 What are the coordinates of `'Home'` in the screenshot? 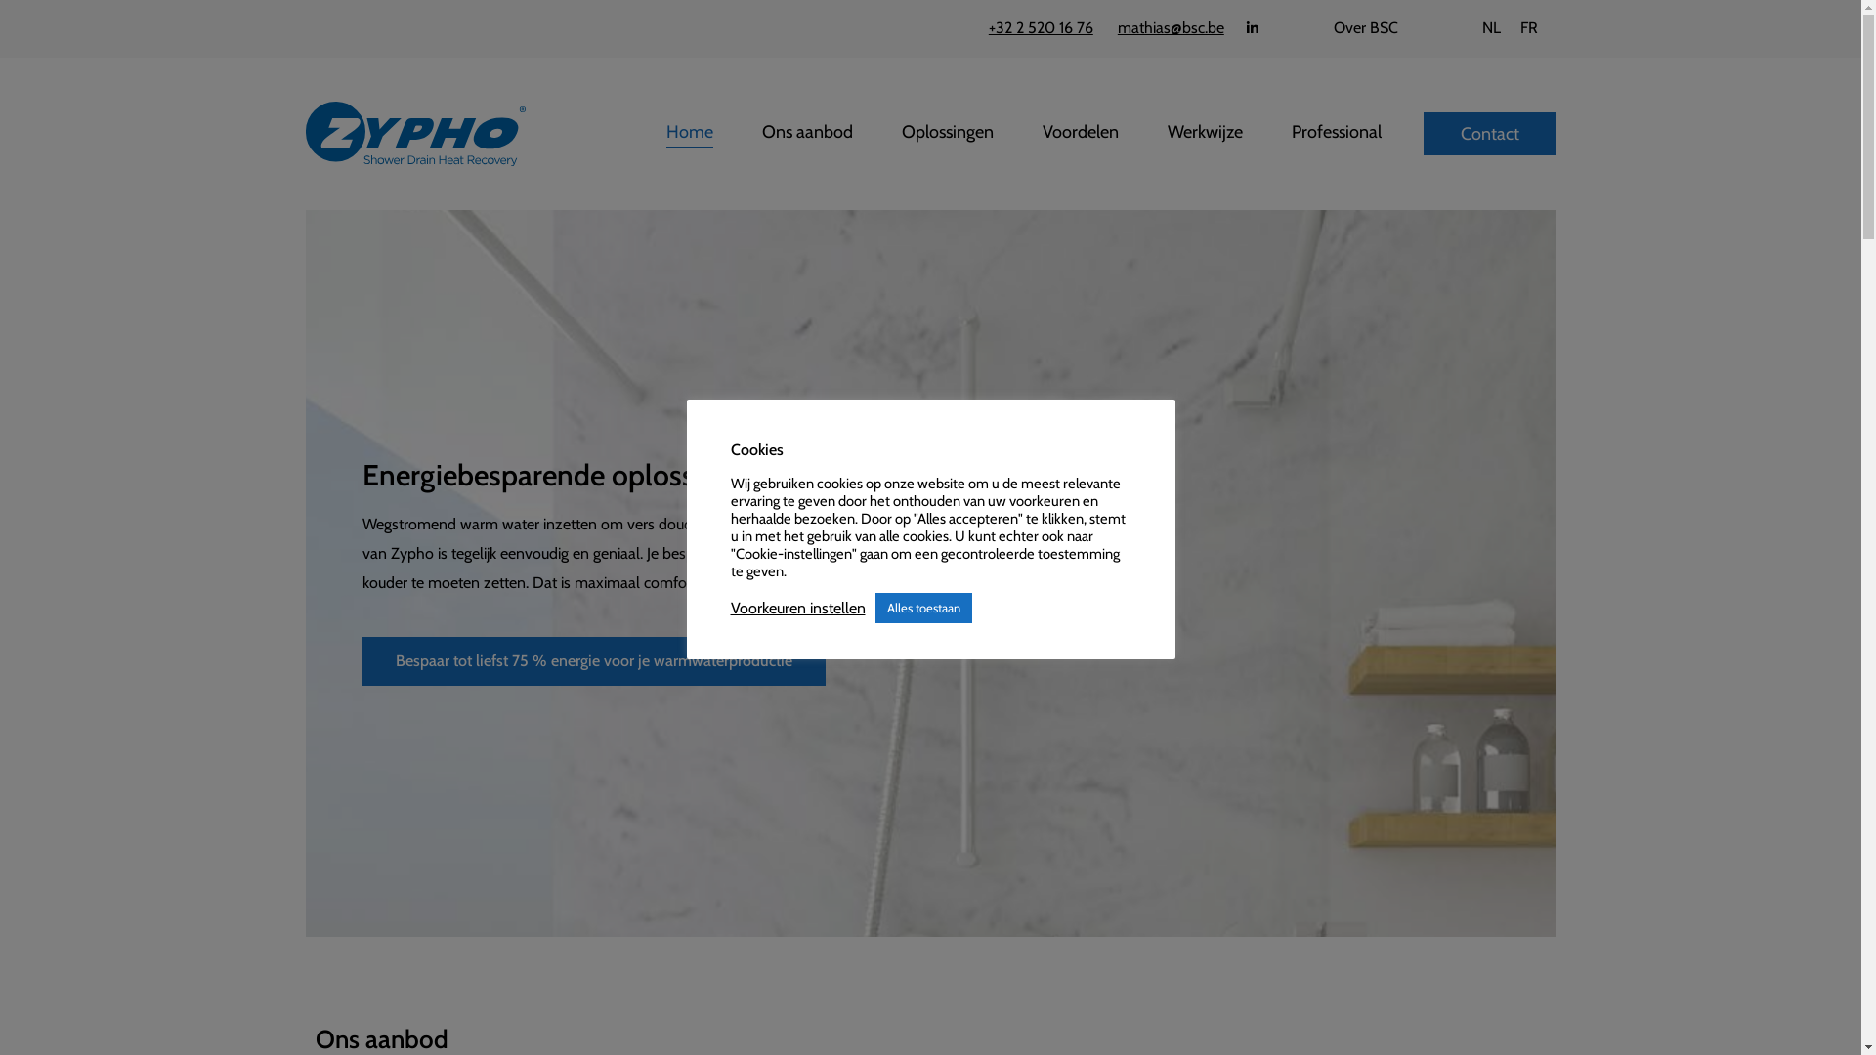 It's located at (689, 132).